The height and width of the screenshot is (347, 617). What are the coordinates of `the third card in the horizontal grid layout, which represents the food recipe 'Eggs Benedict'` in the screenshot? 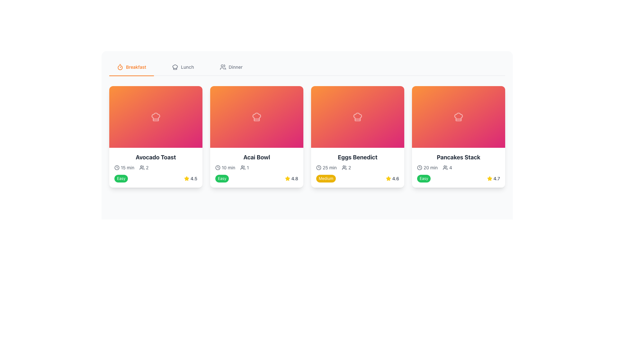 It's located at (357, 136).